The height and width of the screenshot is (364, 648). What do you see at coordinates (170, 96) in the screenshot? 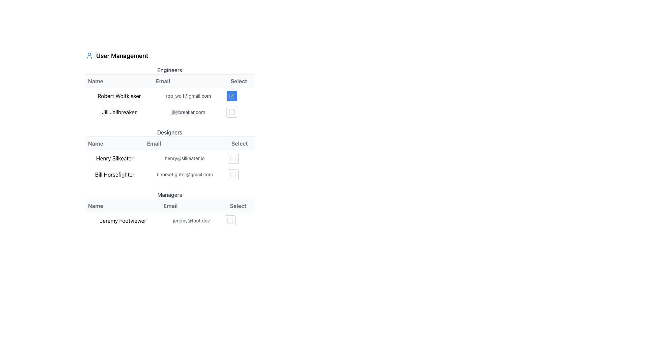
I see `the list item in the Engineers section of the table that contains the text 'Robert Wolfkisser'` at bounding box center [170, 96].